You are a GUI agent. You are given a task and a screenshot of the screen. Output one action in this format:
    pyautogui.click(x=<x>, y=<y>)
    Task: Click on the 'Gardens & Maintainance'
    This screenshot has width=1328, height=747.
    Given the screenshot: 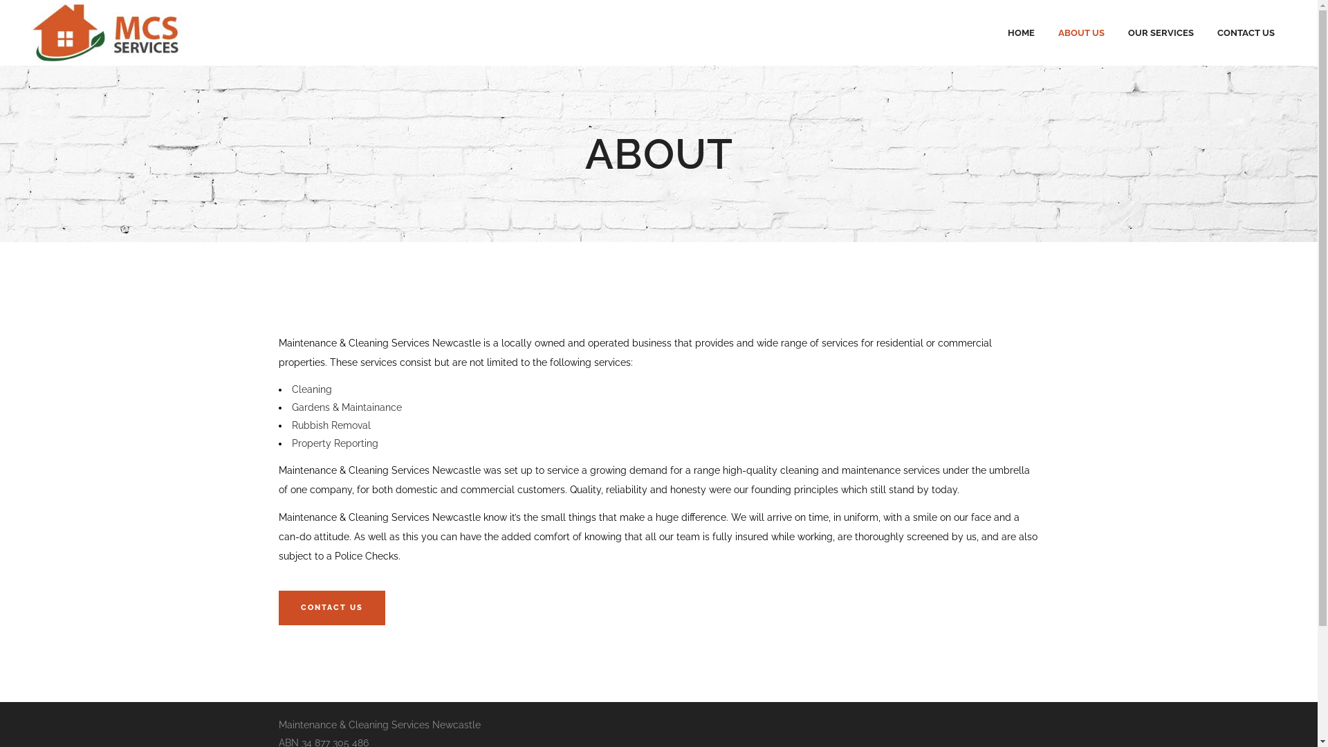 What is the action you would take?
    pyautogui.click(x=347, y=407)
    